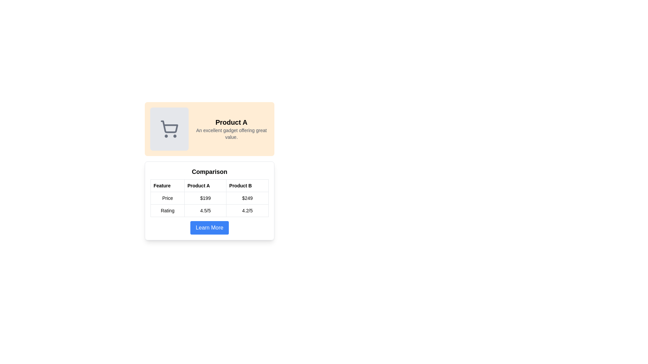 The image size is (648, 364). What do you see at coordinates (231, 134) in the screenshot?
I see `the text element that reads 'An excellent gadget offering great value.' which is located below the bold heading 'Product A' within a light beige rectangular area` at bounding box center [231, 134].